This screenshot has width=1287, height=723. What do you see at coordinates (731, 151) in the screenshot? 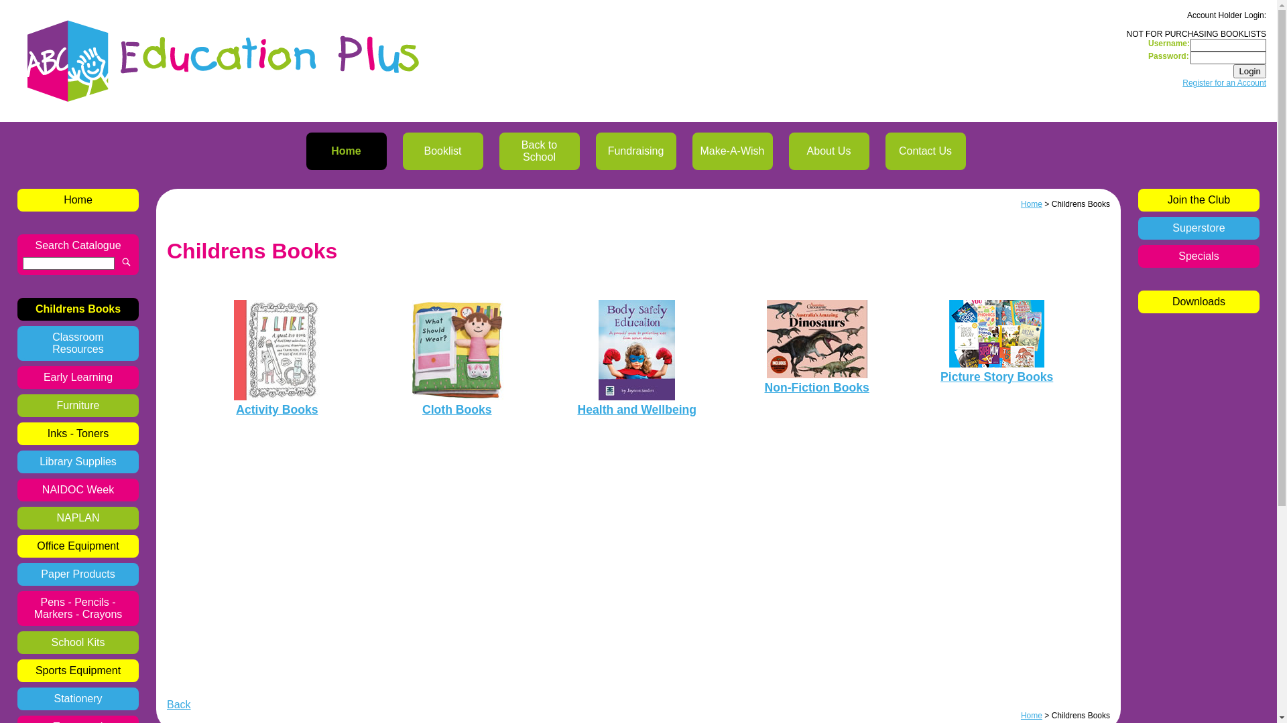
I see `'Make-A-Wish'` at bounding box center [731, 151].